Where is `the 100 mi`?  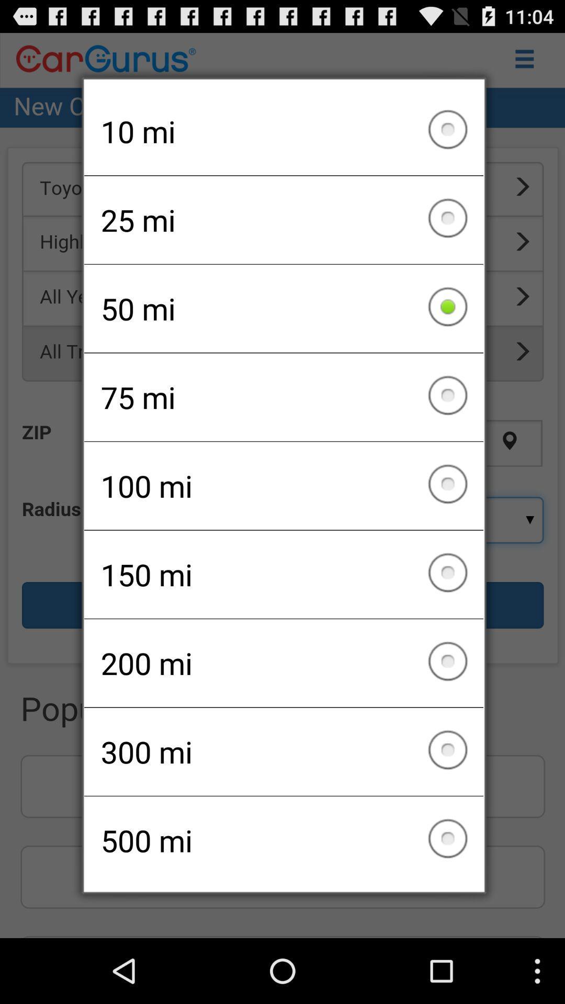
the 100 mi is located at coordinates (284, 485).